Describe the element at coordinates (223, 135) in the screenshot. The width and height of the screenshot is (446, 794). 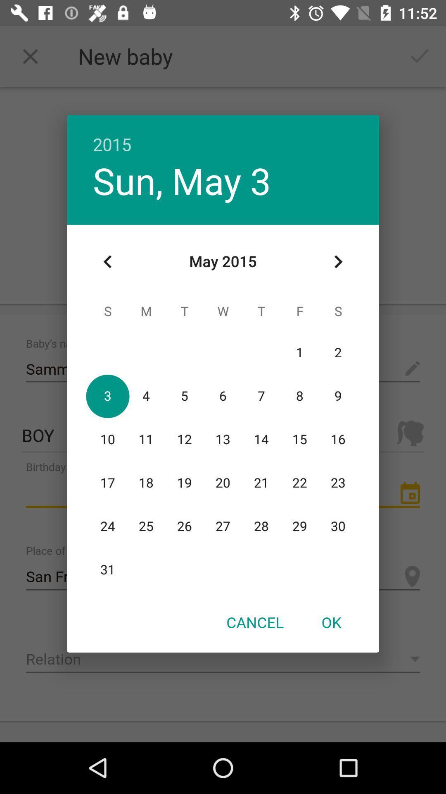
I see `the 2015 icon` at that location.